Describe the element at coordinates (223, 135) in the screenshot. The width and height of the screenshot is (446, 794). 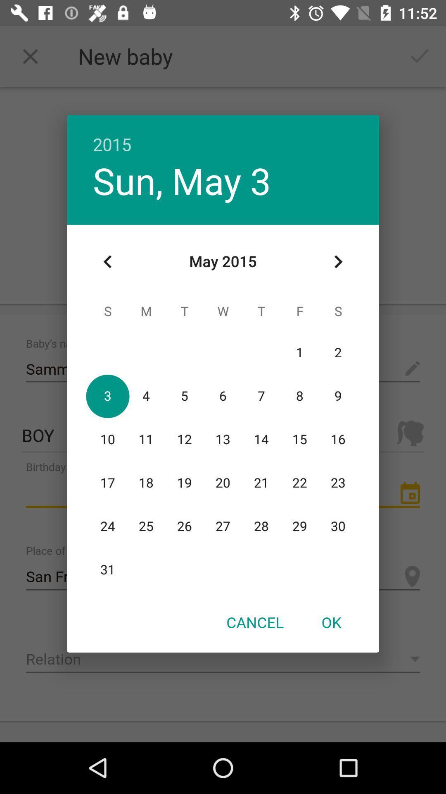
I see `the 2015 icon` at that location.